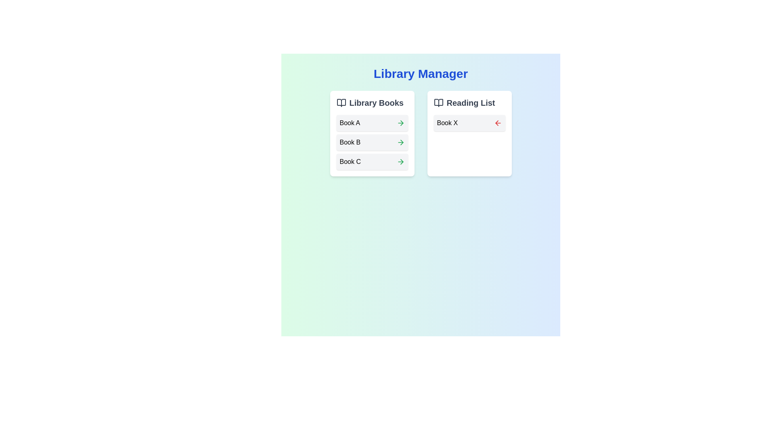 This screenshot has height=436, width=775. Describe the element at coordinates (350, 142) in the screenshot. I see `the text label displaying 'Book B' which is located in the 'Library Books' section, between 'Book A' and 'Book C', on a light-gray background` at that location.